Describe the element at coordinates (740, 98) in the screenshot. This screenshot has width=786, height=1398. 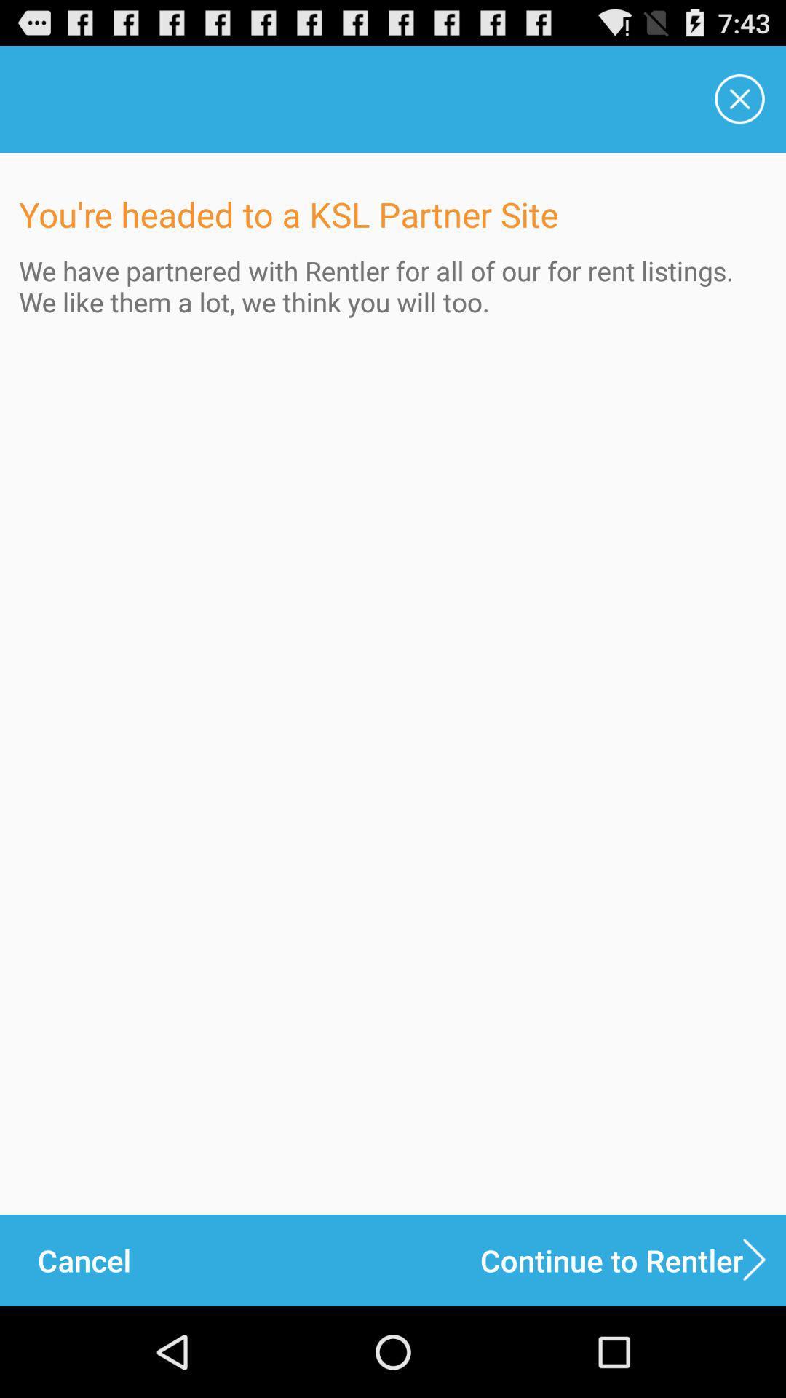
I see `the icon at the top right corner` at that location.